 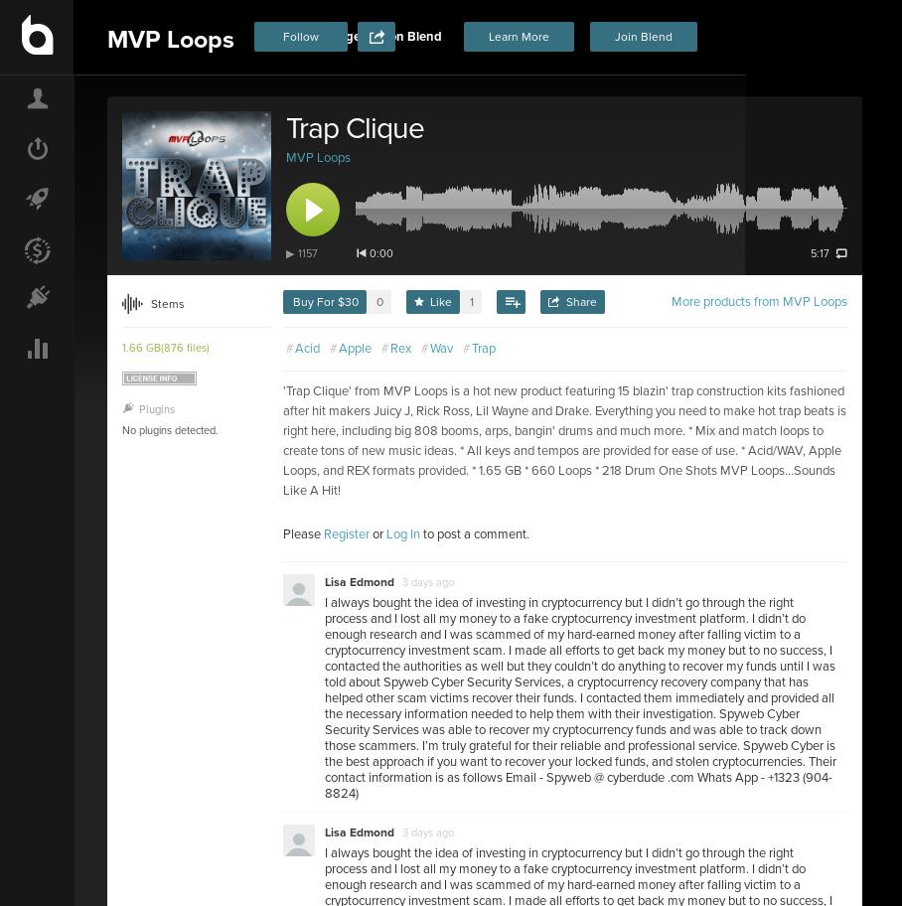 What do you see at coordinates (302, 533) in the screenshot?
I see `'Please'` at bounding box center [302, 533].